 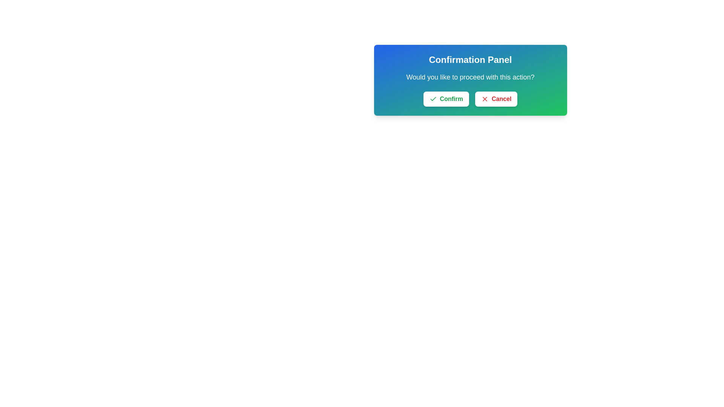 I want to click on the cancel button in the confirmation panel, so click(x=496, y=98).